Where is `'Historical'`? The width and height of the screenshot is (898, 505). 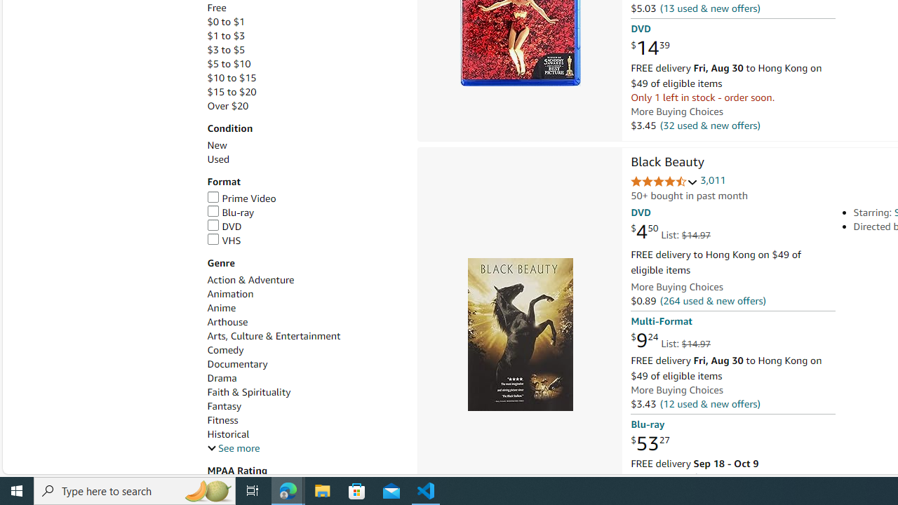
'Historical' is located at coordinates (228, 433).